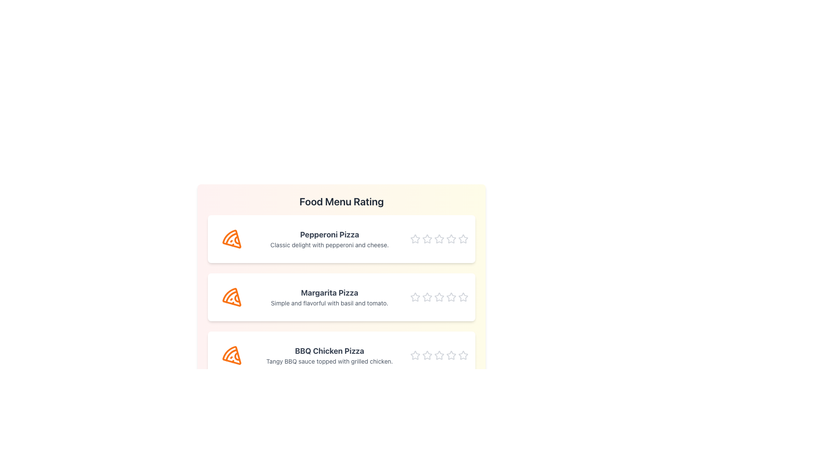  Describe the element at coordinates (427, 355) in the screenshot. I see `the third star in the fifth column of the rating section for 'BBQ Chicken Pizza' to give a rating` at that location.